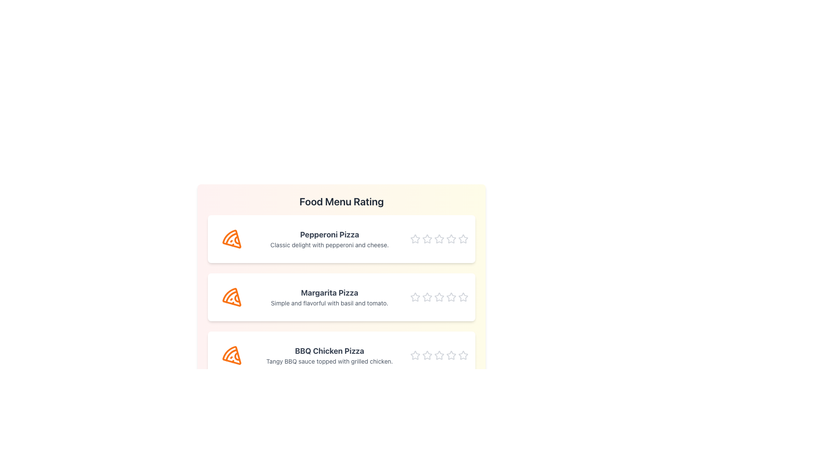  Describe the element at coordinates (427, 355) in the screenshot. I see `the third star in the fifth column of the rating section for 'BBQ Chicken Pizza' to give a rating` at that location.